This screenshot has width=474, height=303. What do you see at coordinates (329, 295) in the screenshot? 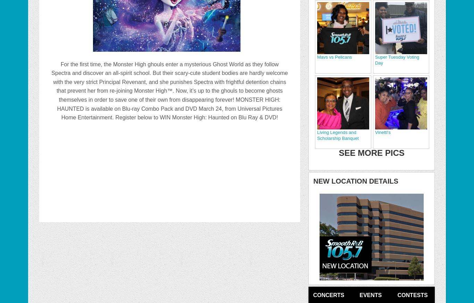
I see `'CONCERTS'` at bounding box center [329, 295].